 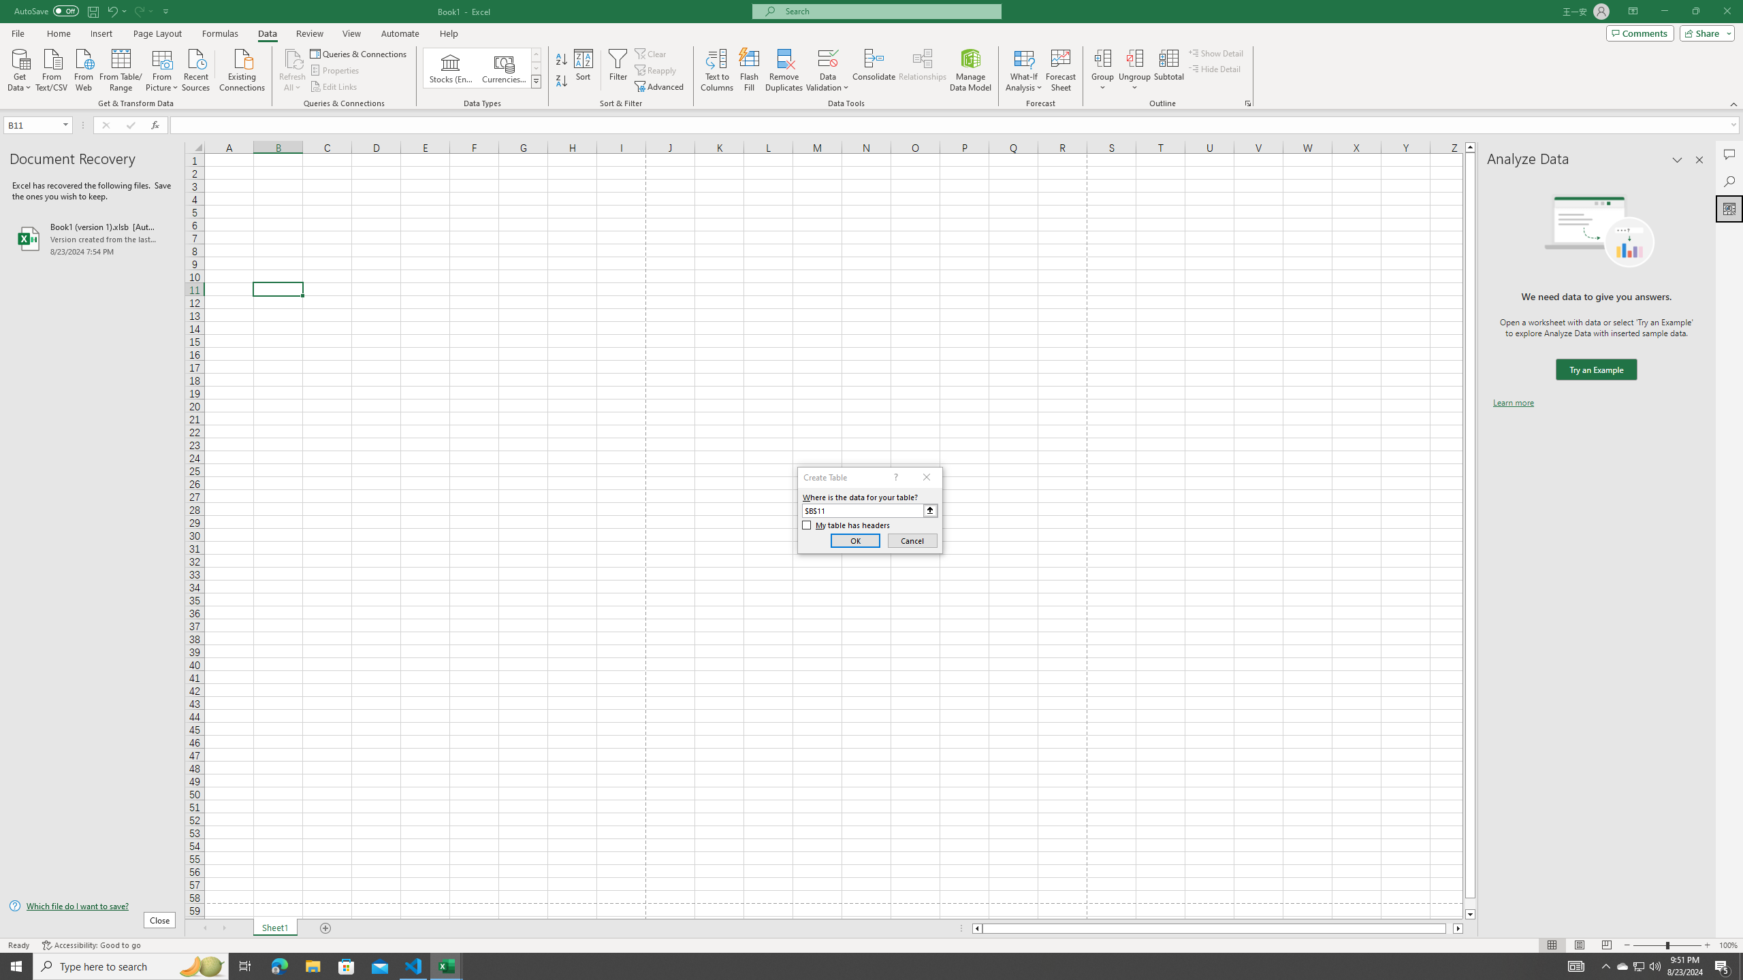 What do you see at coordinates (334, 86) in the screenshot?
I see `'Edit Links'` at bounding box center [334, 86].